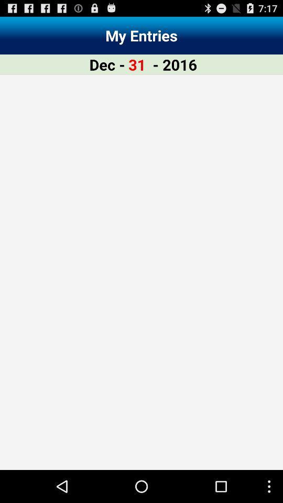 The height and width of the screenshot is (503, 283). Describe the element at coordinates (137, 64) in the screenshot. I see `the 31 icon` at that location.